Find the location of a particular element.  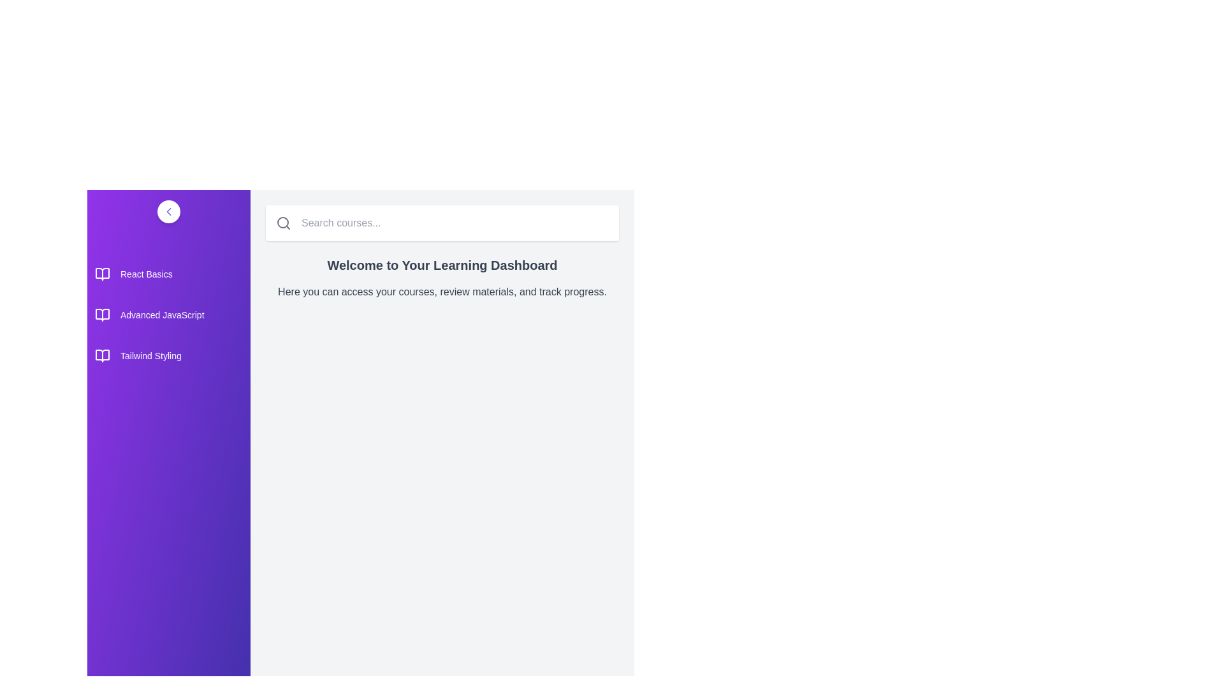

toggle button to change the drawer's visibility is located at coordinates (168, 211).